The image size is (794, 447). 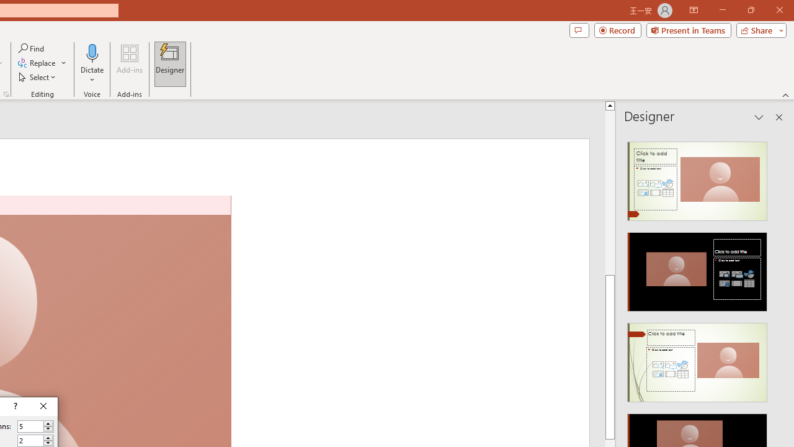 I want to click on 'Number of columns', so click(x=35, y=425).